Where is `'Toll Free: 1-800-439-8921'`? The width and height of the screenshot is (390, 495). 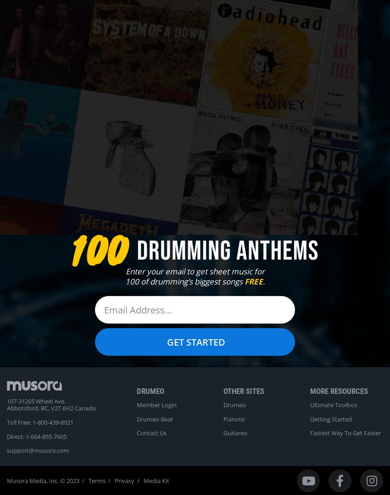 'Toll Free: 1-800-439-8921' is located at coordinates (39, 421).